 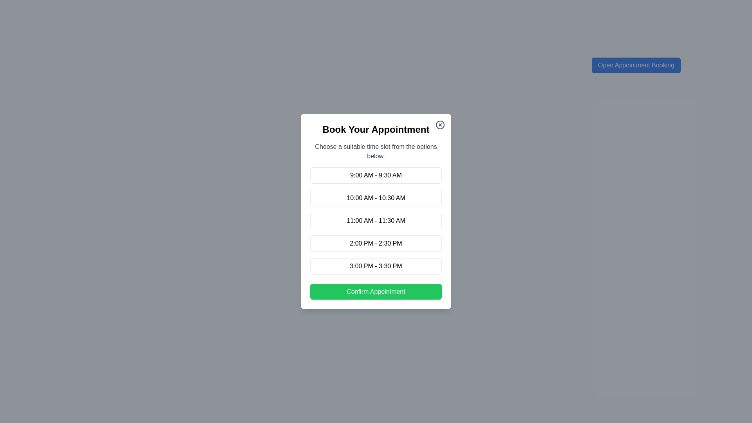 I want to click on the graphic properties of the close button icon, which is a circle enclosing an 'X' shape located in the top-right corner of the modal window, so click(x=440, y=125).